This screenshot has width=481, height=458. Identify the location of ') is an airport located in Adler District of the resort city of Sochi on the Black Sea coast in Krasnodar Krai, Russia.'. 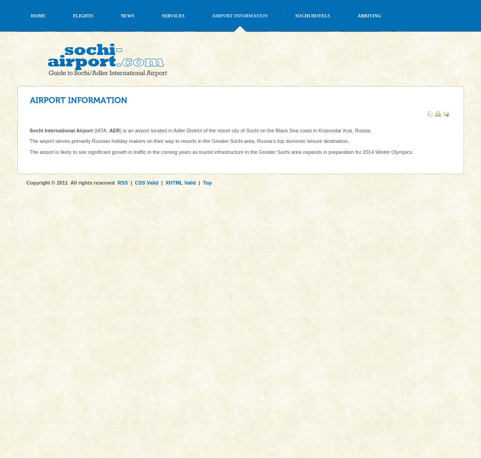
(246, 130).